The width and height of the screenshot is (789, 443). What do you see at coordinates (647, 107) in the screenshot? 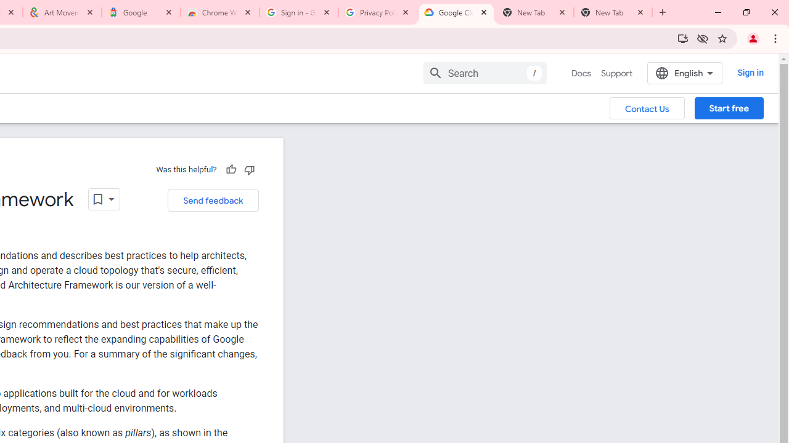
I see `'Contact Us'` at bounding box center [647, 107].